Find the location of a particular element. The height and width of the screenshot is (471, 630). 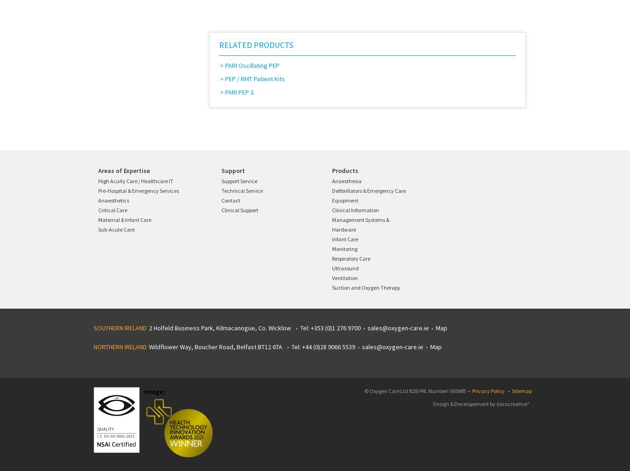

'Privacy Policy' is located at coordinates (488, 391).